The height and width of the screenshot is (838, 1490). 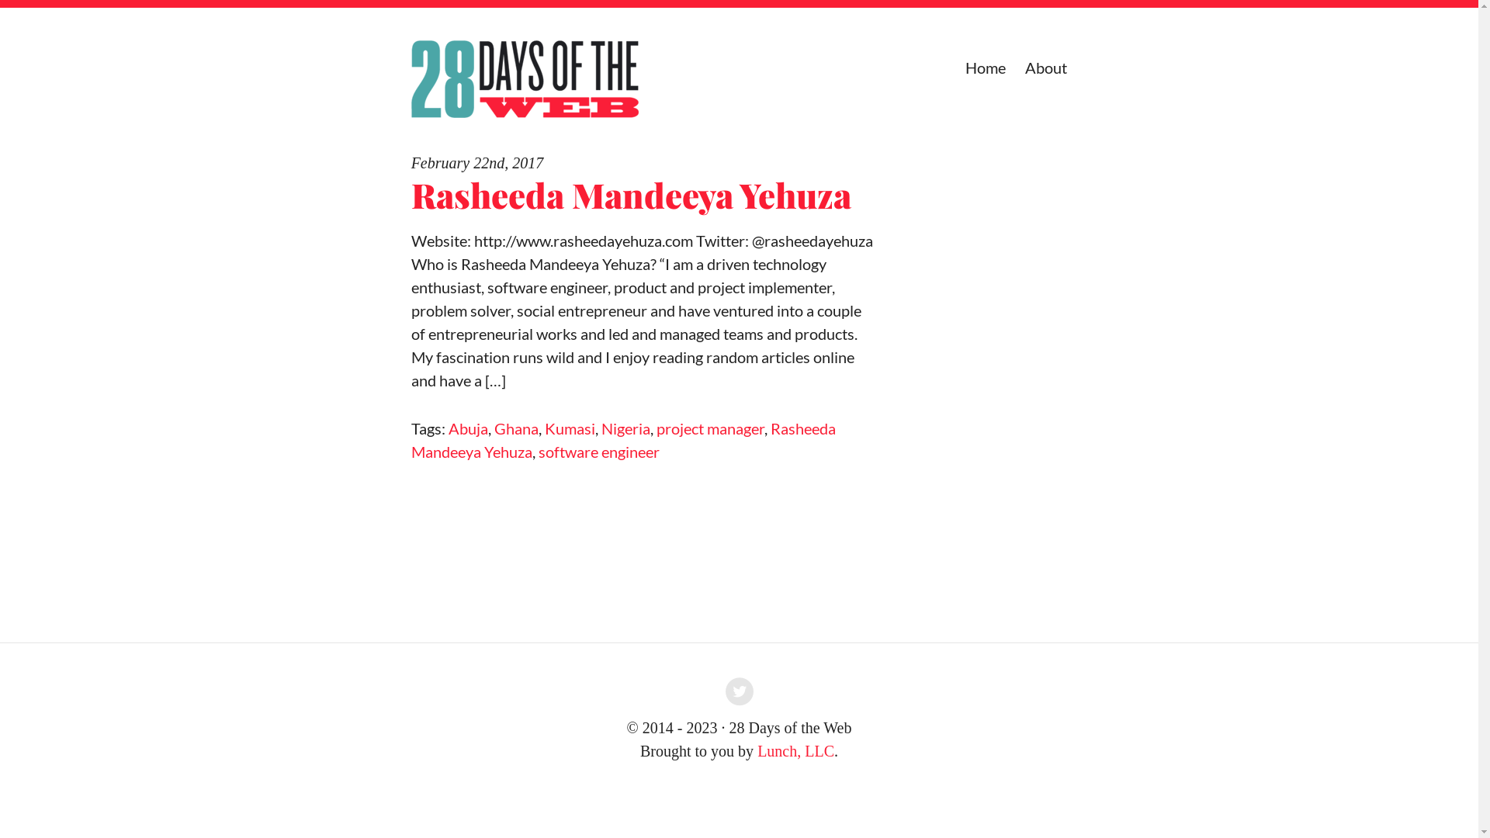 What do you see at coordinates (985, 67) in the screenshot?
I see `'Home'` at bounding box center [985, 67].